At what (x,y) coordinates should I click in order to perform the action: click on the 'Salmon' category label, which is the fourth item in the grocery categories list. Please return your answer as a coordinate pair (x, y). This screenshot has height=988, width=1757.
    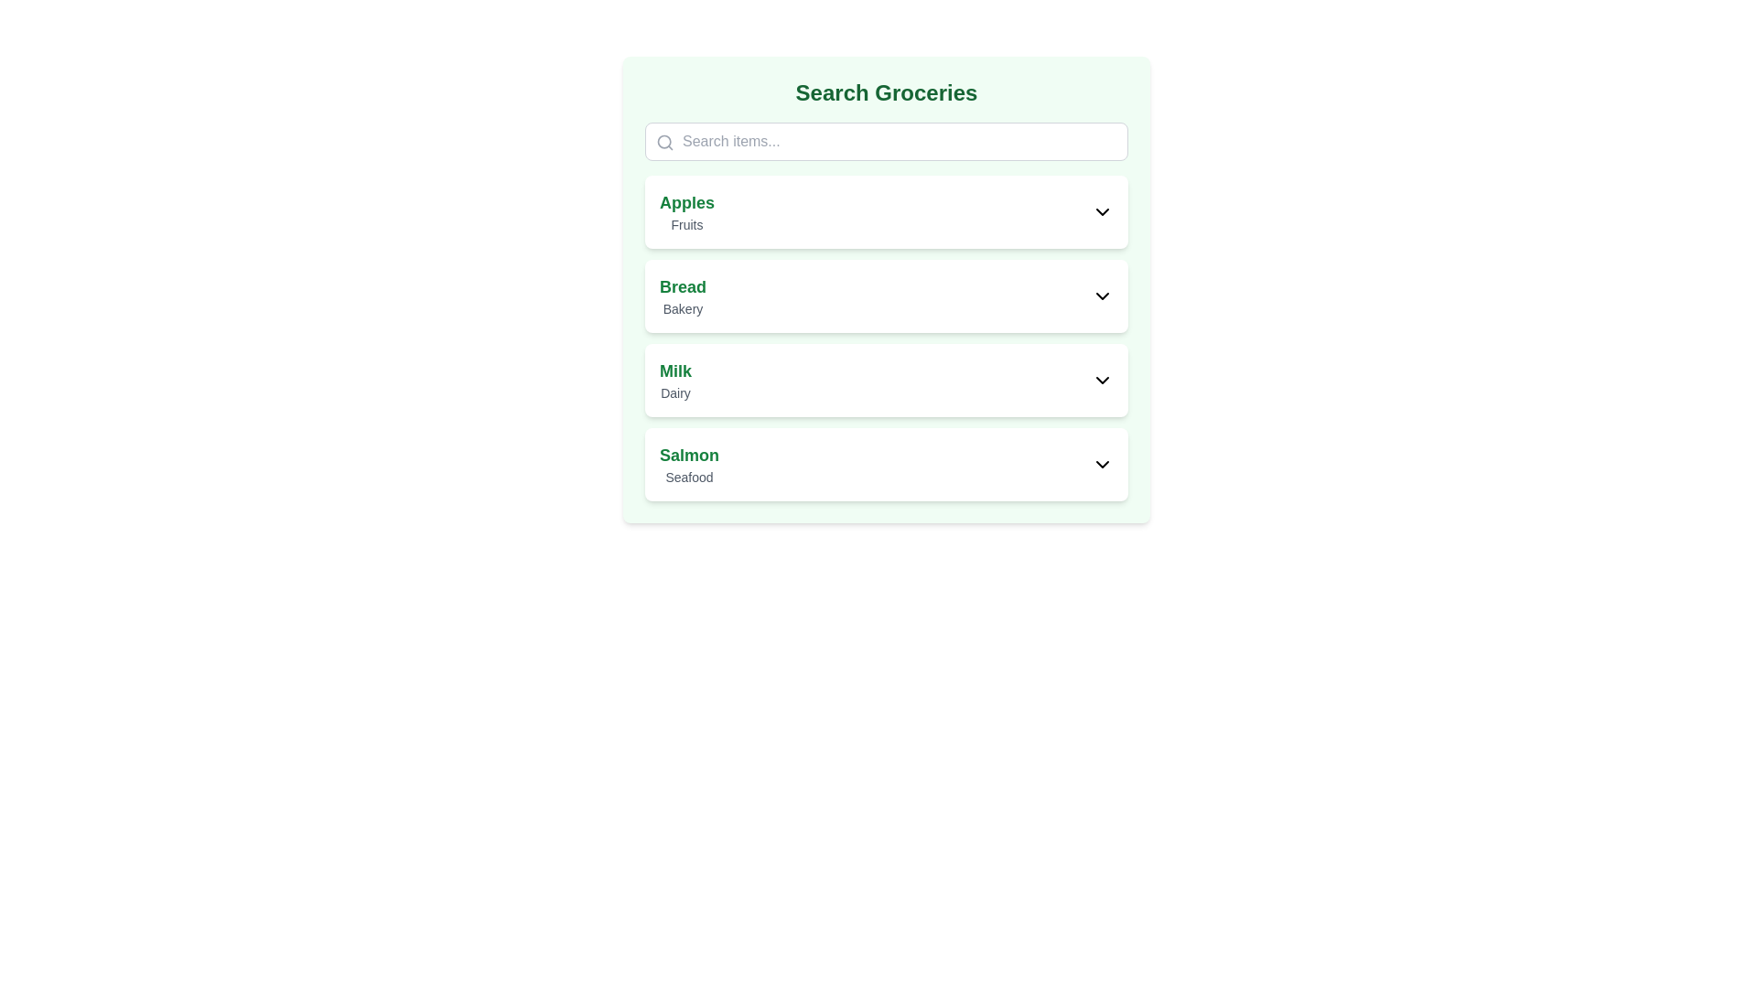
    Looking at the image, I should click on (688, 464).